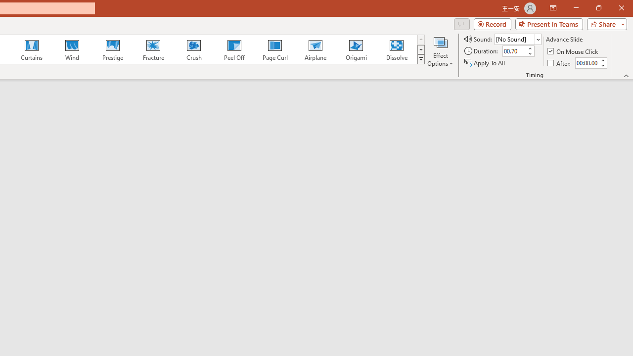 The height and width of the screenshot is (356, 633). What do you see at coordinates (356, 49) in the screenshot?
I see `'Origami'` at bounding box center [356, 49].